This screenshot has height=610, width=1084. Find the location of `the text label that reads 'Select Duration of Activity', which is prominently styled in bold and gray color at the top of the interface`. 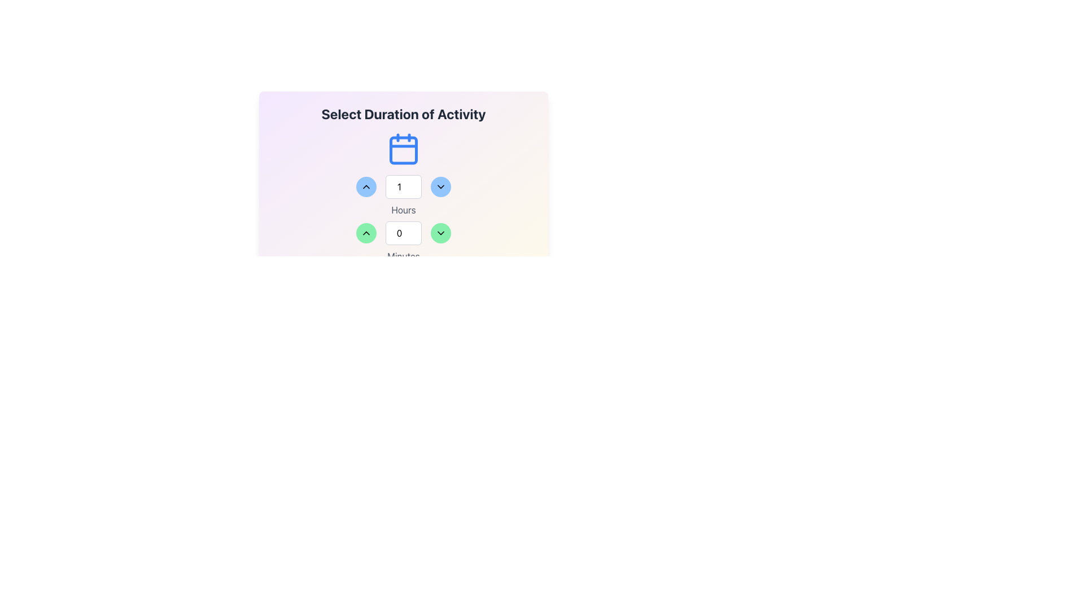

the text label that reads 'Select Duration of Activity', which is prominently styled in bold and gray color at the top of the interface is located at coordinates (404, 114).